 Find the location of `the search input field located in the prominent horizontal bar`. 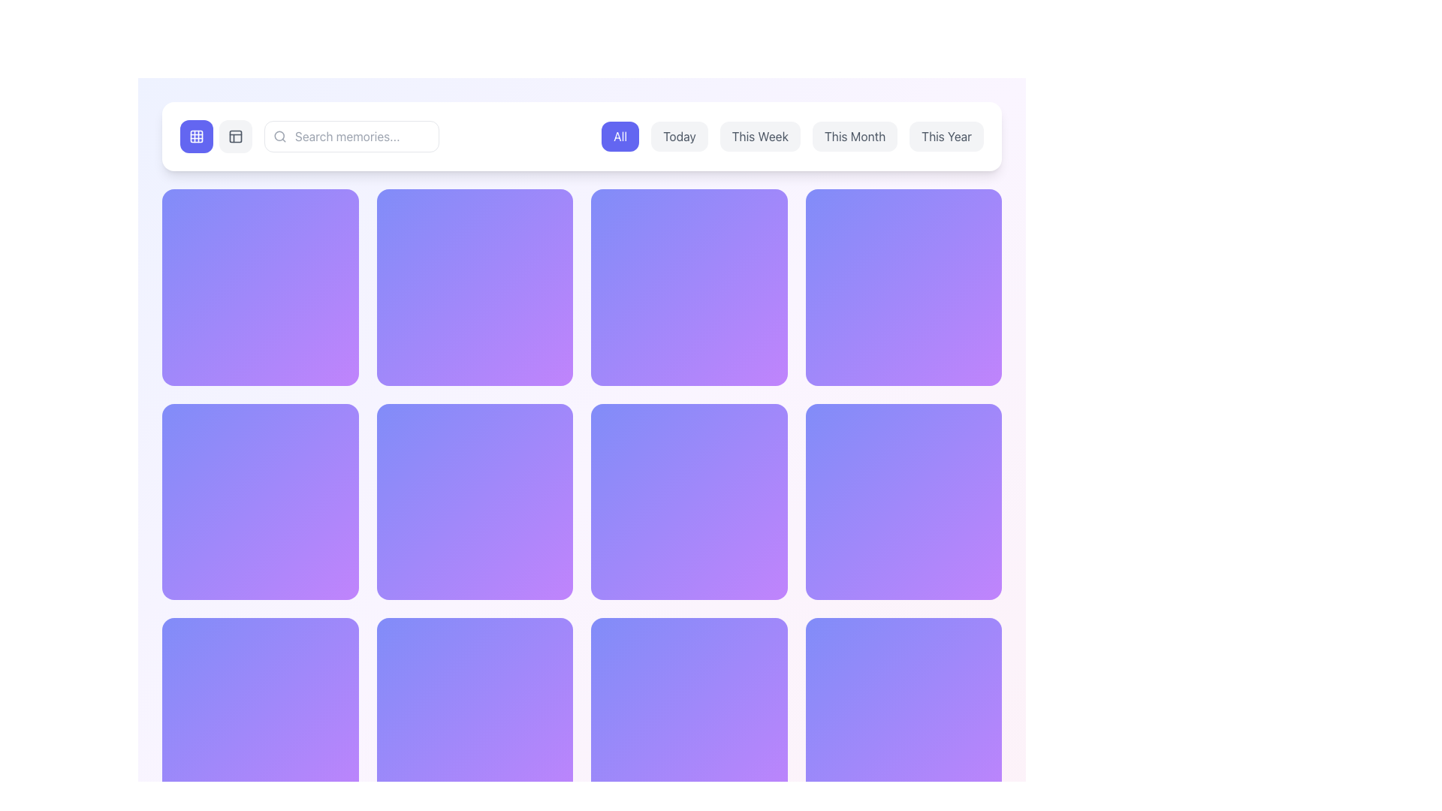

the search input field located in the prominent horizontal bar is located at coordinates (309, 136).